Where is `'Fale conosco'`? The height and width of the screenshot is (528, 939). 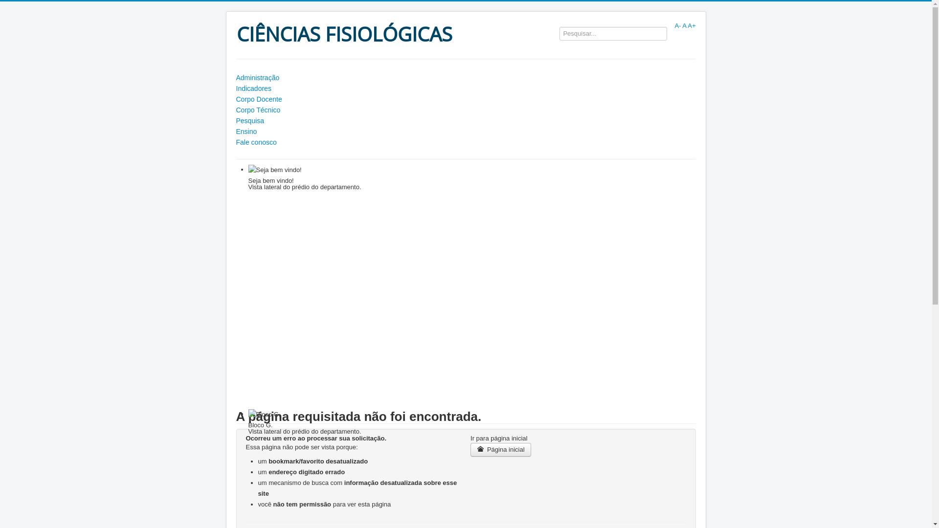
'Fale conosco' is located at coordinates (465, 142).